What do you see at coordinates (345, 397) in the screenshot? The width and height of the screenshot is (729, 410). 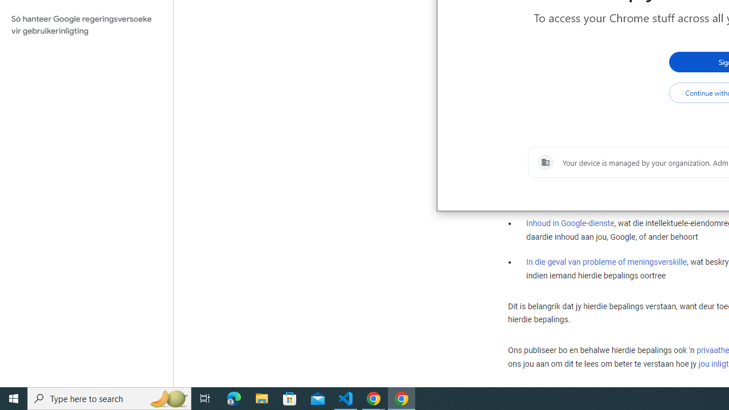 I see `'Visual Studio Code - 1 running window'` at bounding box center [345, 397].